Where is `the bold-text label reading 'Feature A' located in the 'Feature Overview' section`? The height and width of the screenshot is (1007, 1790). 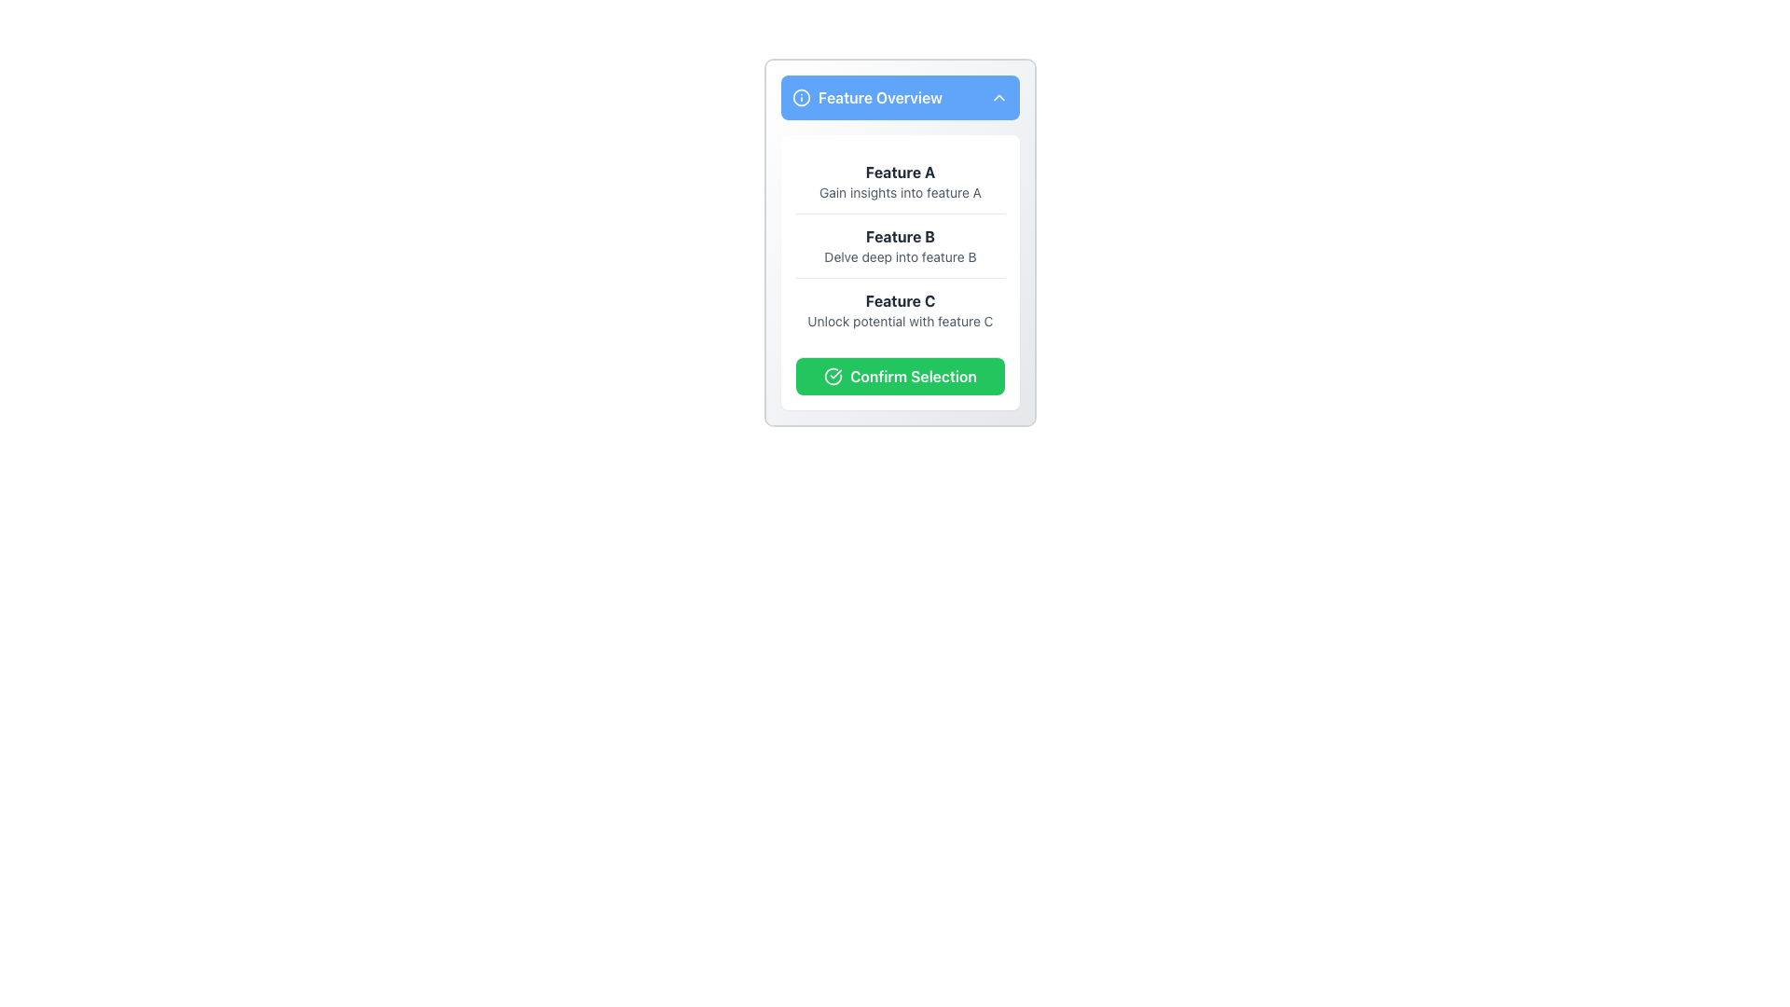
the bold-text label reading 'Feature A' located in the 'Feature Overview' section is located at coordinates (900, 172).